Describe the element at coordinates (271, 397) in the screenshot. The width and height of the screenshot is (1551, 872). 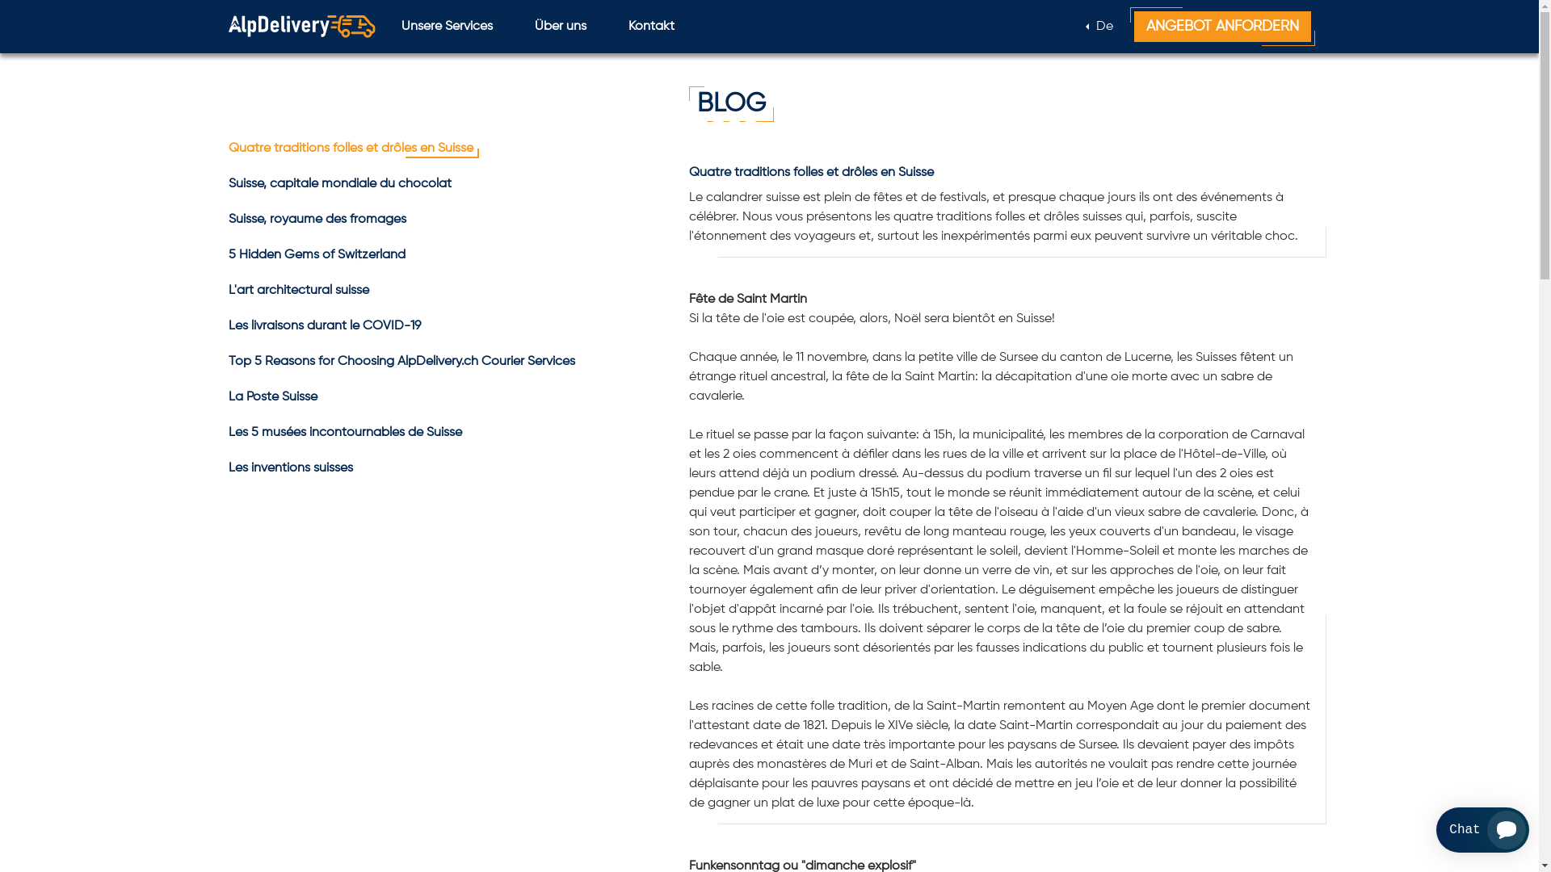
I see `'La Poste Suisse'` at that location.